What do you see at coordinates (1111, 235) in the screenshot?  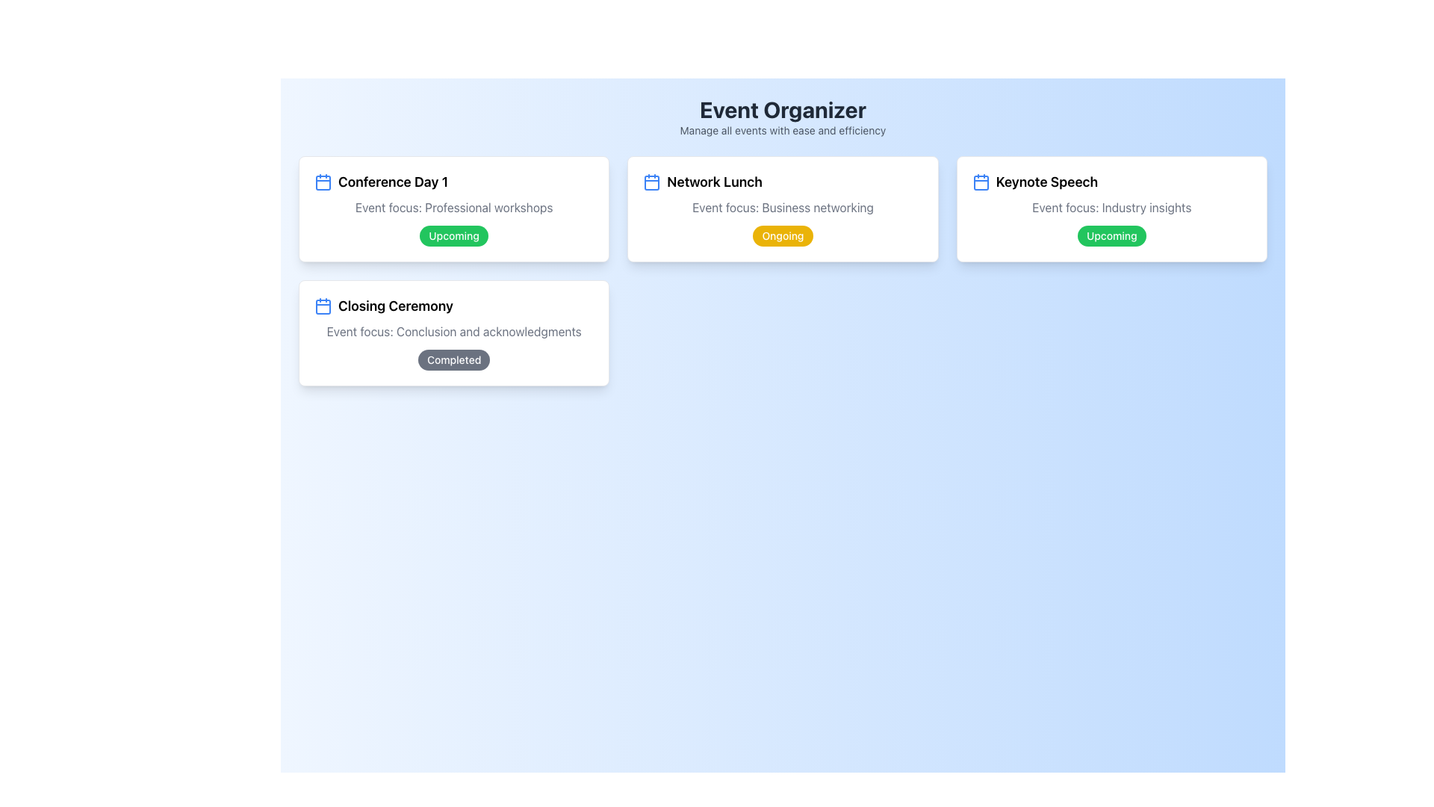 I see `the green tag labeled 'Upcoming' with a rounded rectangular shape located in the bottom-right corner of the 'Keynote Speech' card` at bounding box center [1111, 235].